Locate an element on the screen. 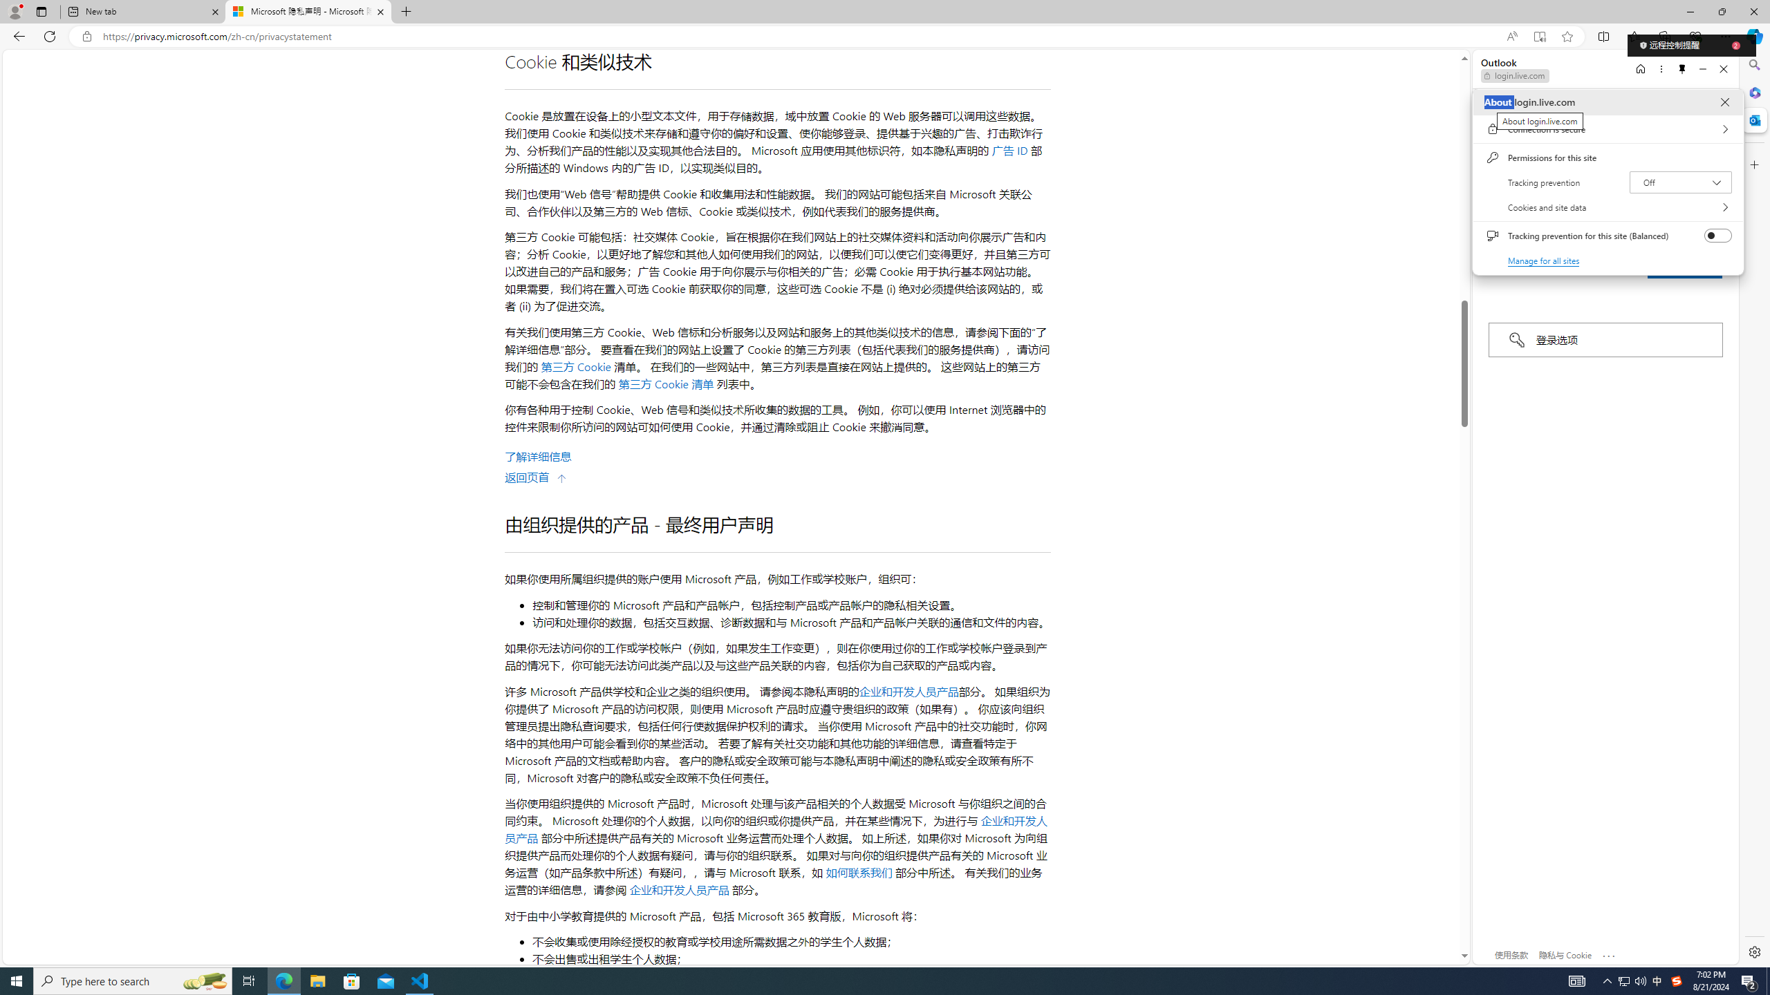 This screenshot has width=1770, height=995. 'Tracking prevention for this site (Balanced)' is located at coordinates (1717, 235).